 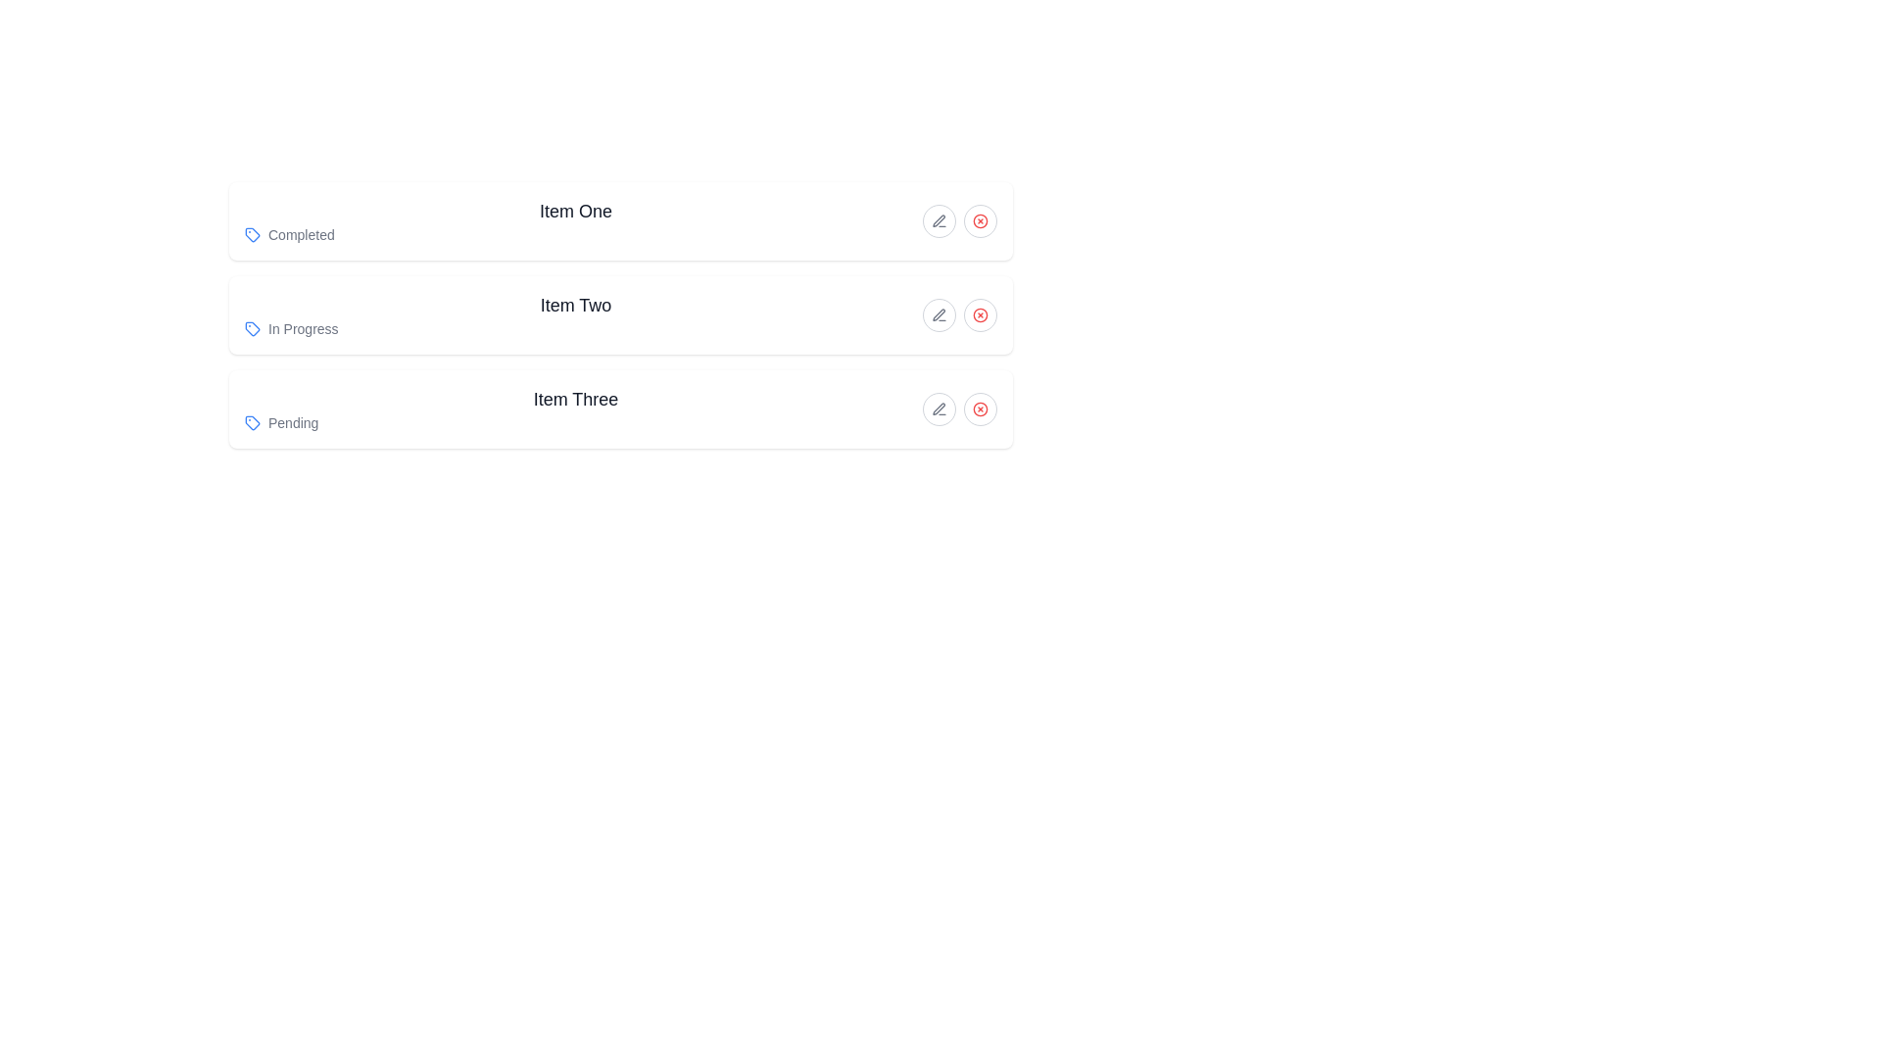 I want to click on the List item displaying 'Item Two' with the status 'In Progress', so click(x=619, y=313).